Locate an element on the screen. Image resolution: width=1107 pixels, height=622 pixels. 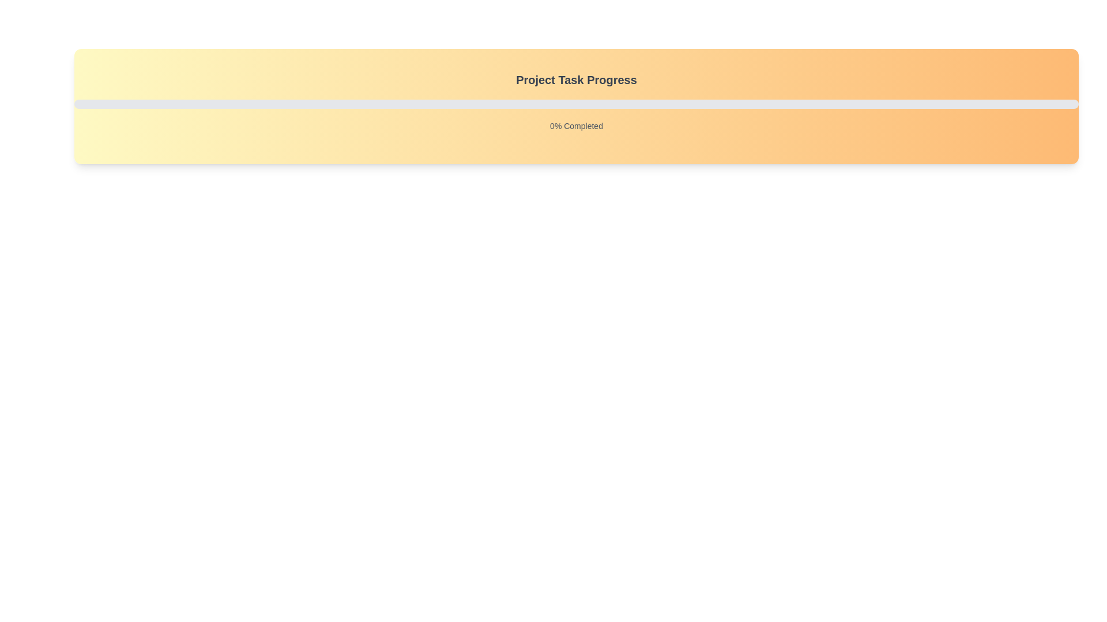
text 'Project Task Progress' which is displayed in a bold font and centered alignment, located above a progress bar and percentage indicator is located at coordinates (576, 79).